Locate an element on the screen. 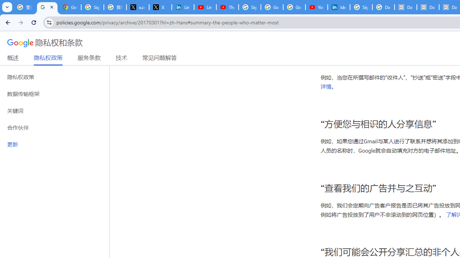  'Data Privacy Framework' is located at coordinates (405, 7).